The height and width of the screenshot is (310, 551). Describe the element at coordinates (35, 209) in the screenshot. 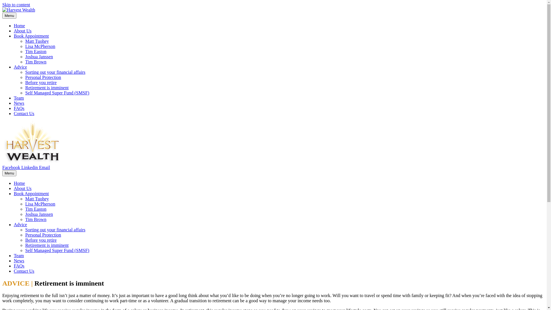

I see `'Tim Easton'` at that location.